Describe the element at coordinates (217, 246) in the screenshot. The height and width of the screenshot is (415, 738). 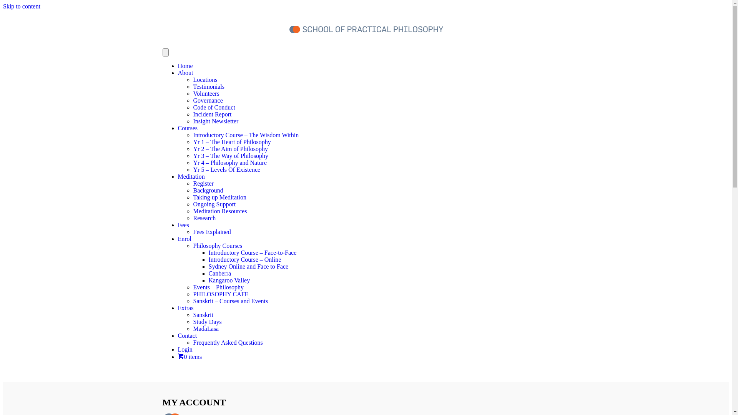
I see `'Philosophy Courses'` at that location.